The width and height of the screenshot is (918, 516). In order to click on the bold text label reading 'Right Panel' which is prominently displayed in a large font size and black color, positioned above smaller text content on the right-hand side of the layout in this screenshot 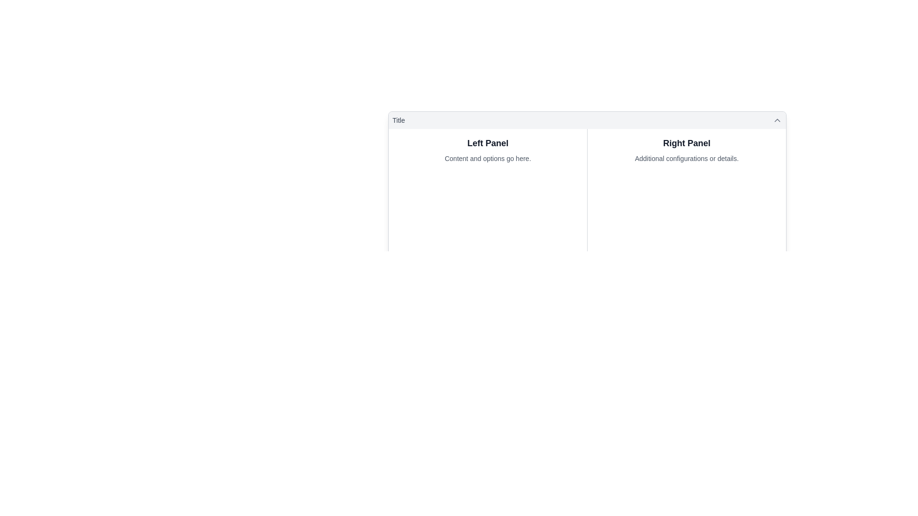, I will do `click(686, 143)`.